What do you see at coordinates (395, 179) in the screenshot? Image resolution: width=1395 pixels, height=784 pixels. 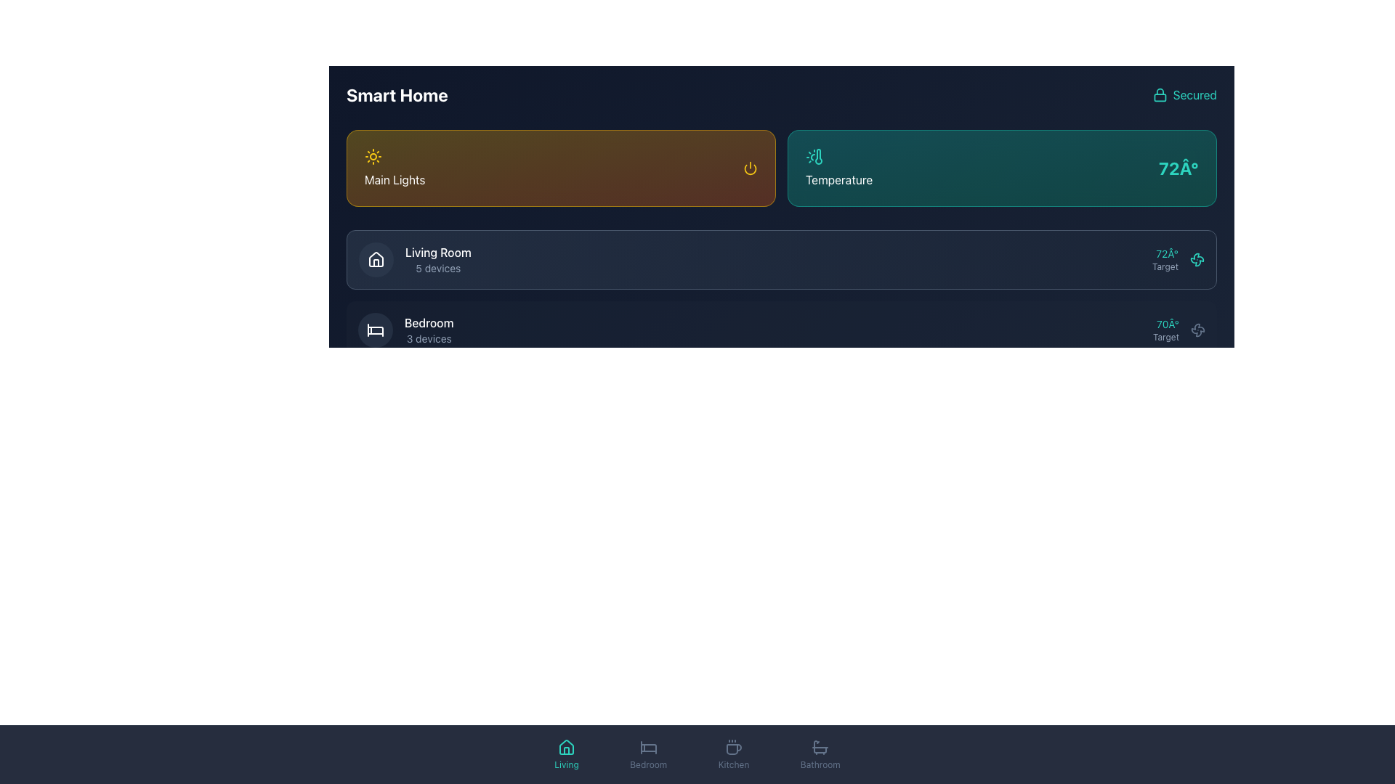 I see `the static text label indicating 'Main Lights', located in the top left area of the card interface, directly below the sun icon` at bounding box center [395, 179].